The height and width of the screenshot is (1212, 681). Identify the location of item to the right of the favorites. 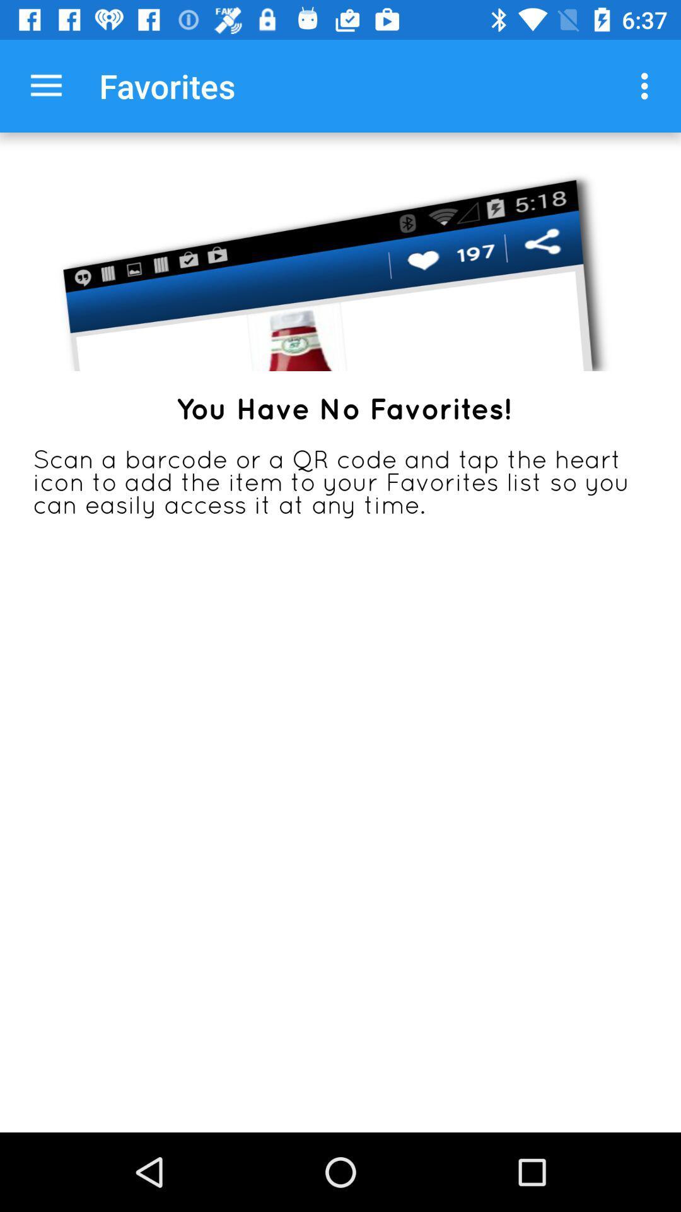
(648, 85).